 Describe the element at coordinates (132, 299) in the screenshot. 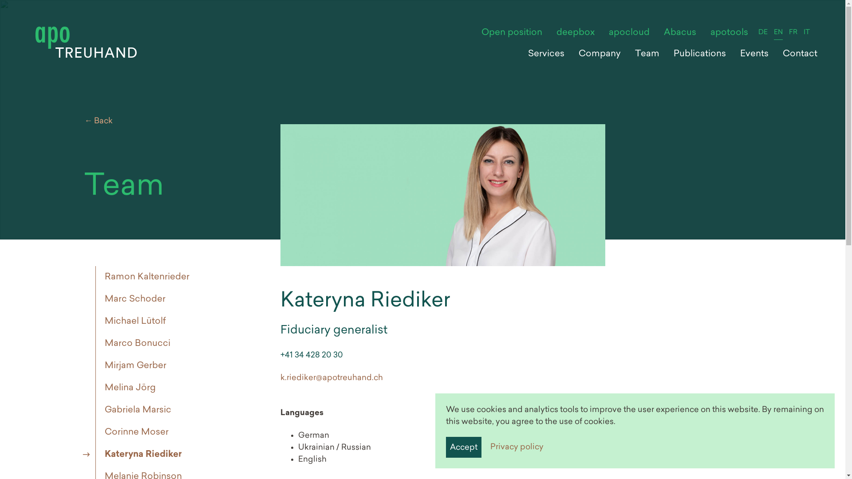

I see `'Marc Schoder'` at that location.